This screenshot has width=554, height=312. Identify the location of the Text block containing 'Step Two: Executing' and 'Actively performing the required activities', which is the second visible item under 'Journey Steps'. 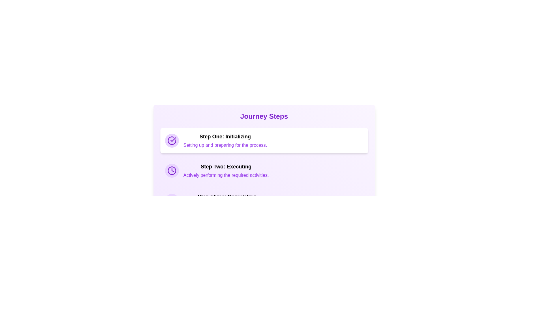
(226, 170).